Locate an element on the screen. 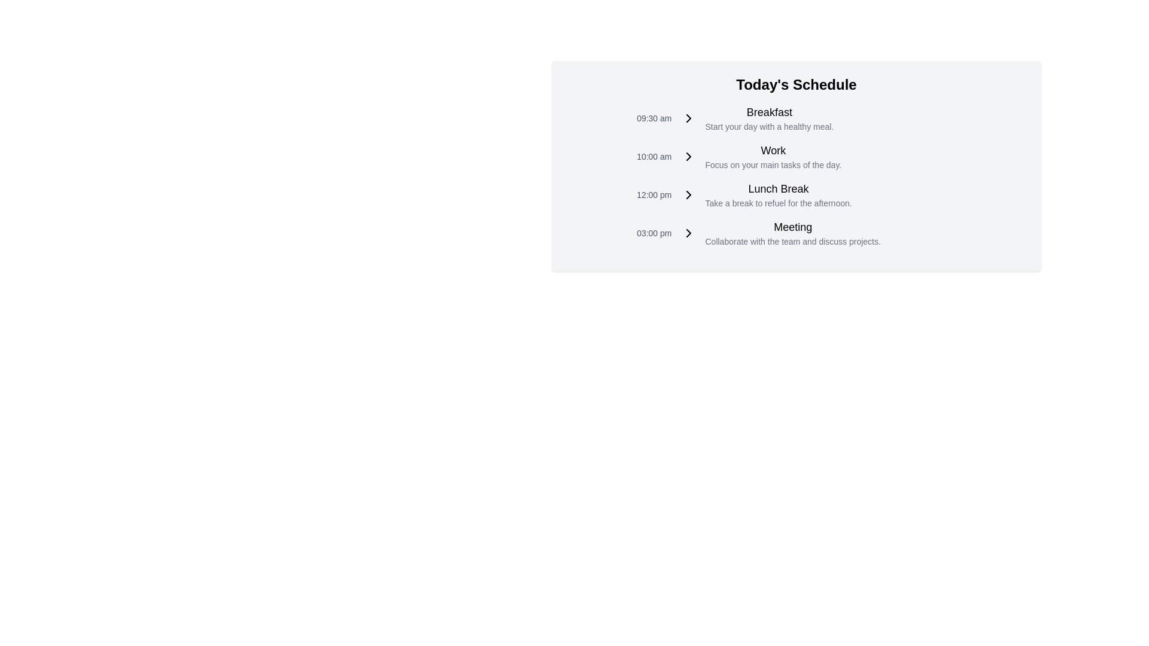 The height and width of the screenshot is (646, 1149). the text element styled in smaller gray text that reads 'Take a break to refuel for the afternoon,' located under the 'Lunch Break' heading in the 'Today's Schedule' panel is located at coordinates (778, 202).